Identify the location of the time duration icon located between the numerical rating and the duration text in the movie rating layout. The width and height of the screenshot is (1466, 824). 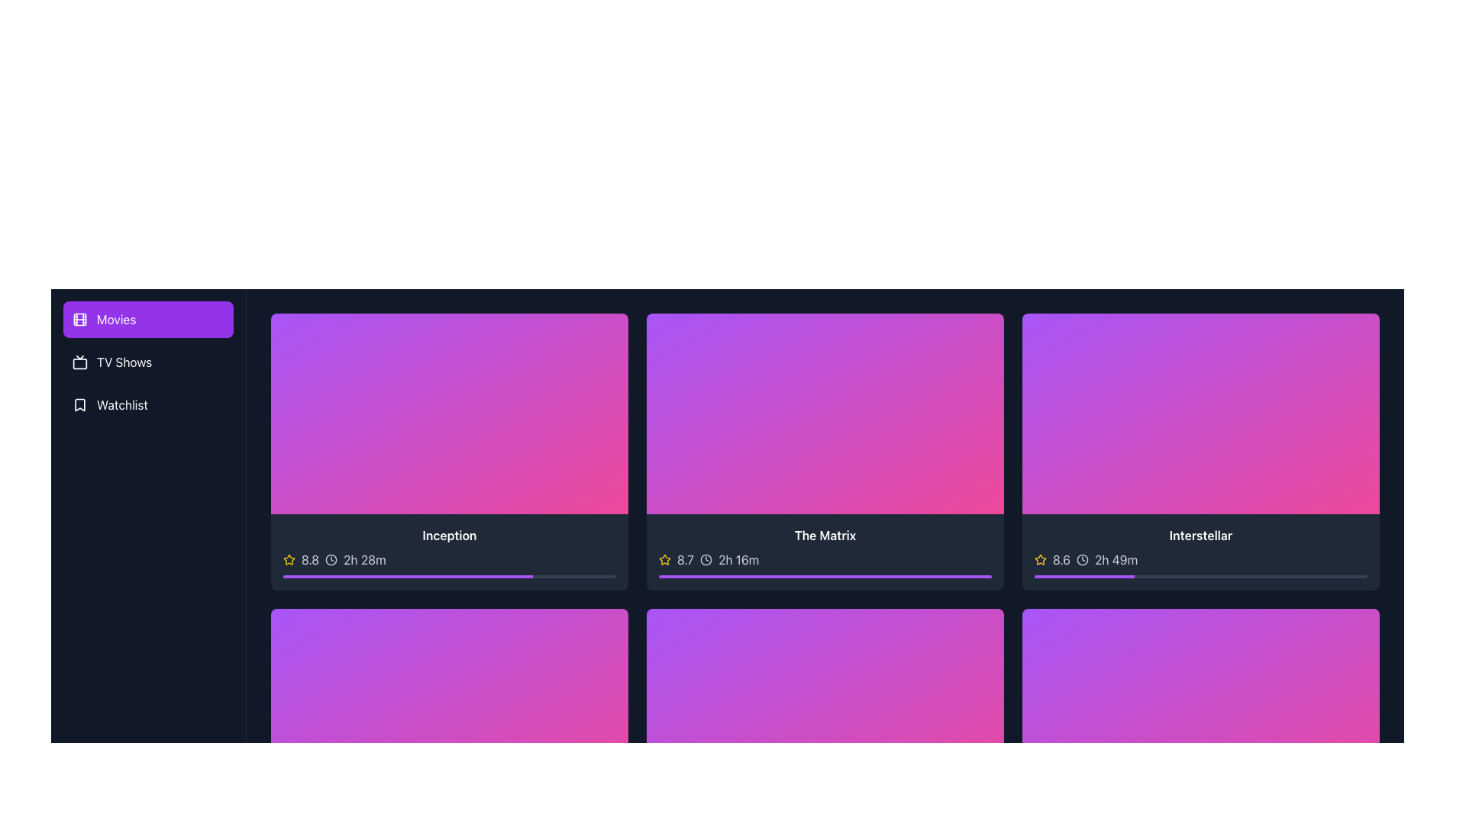
(331, 560).